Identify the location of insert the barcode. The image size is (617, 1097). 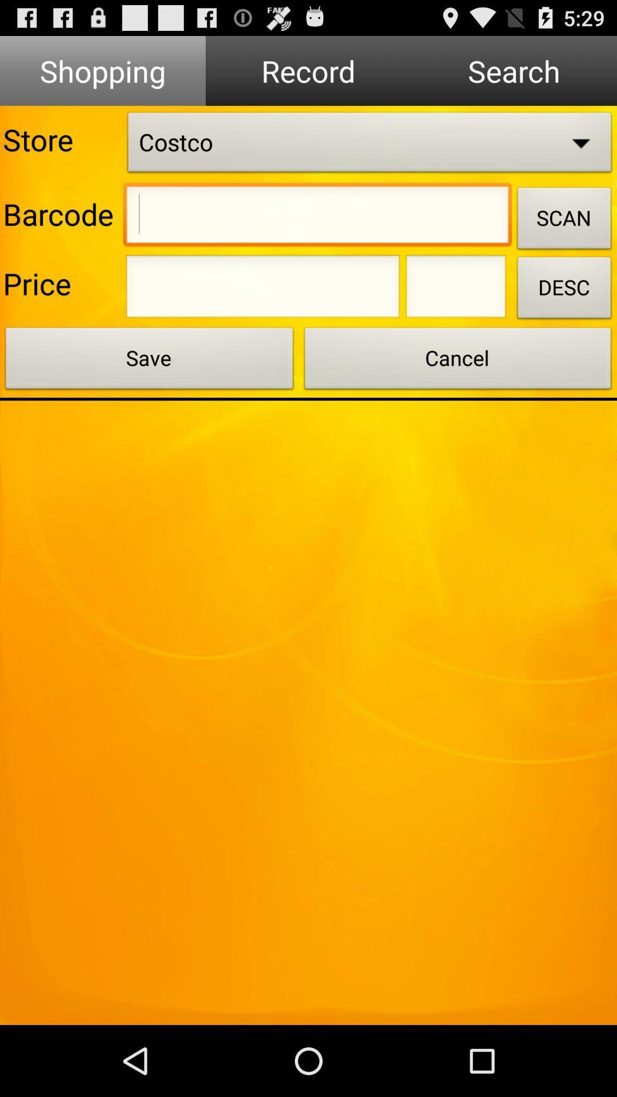
(317, 217).